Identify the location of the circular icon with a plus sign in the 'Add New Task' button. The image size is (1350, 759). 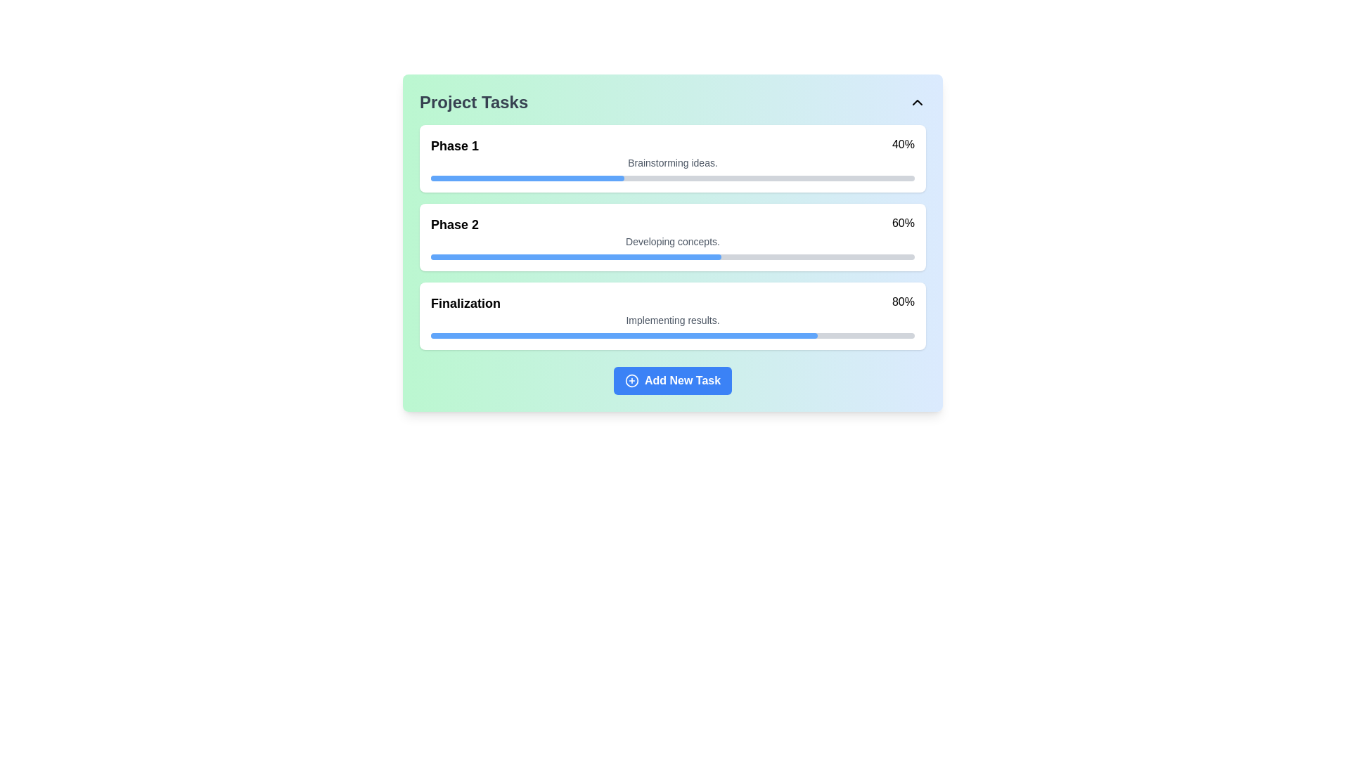
(631, 381).